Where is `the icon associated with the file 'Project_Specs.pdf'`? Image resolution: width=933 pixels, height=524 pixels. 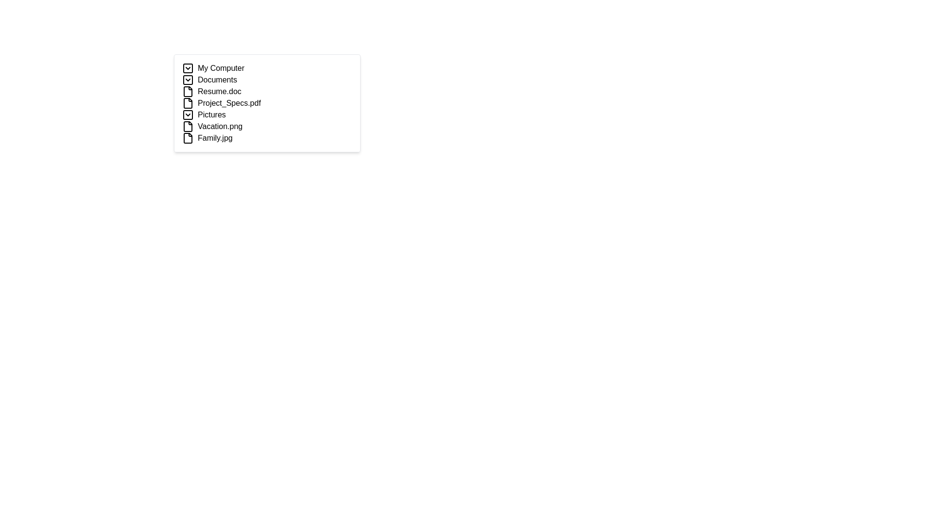 the icon associated with the file 'Project_Specs.pdf' is located at coordinates (188, 103).